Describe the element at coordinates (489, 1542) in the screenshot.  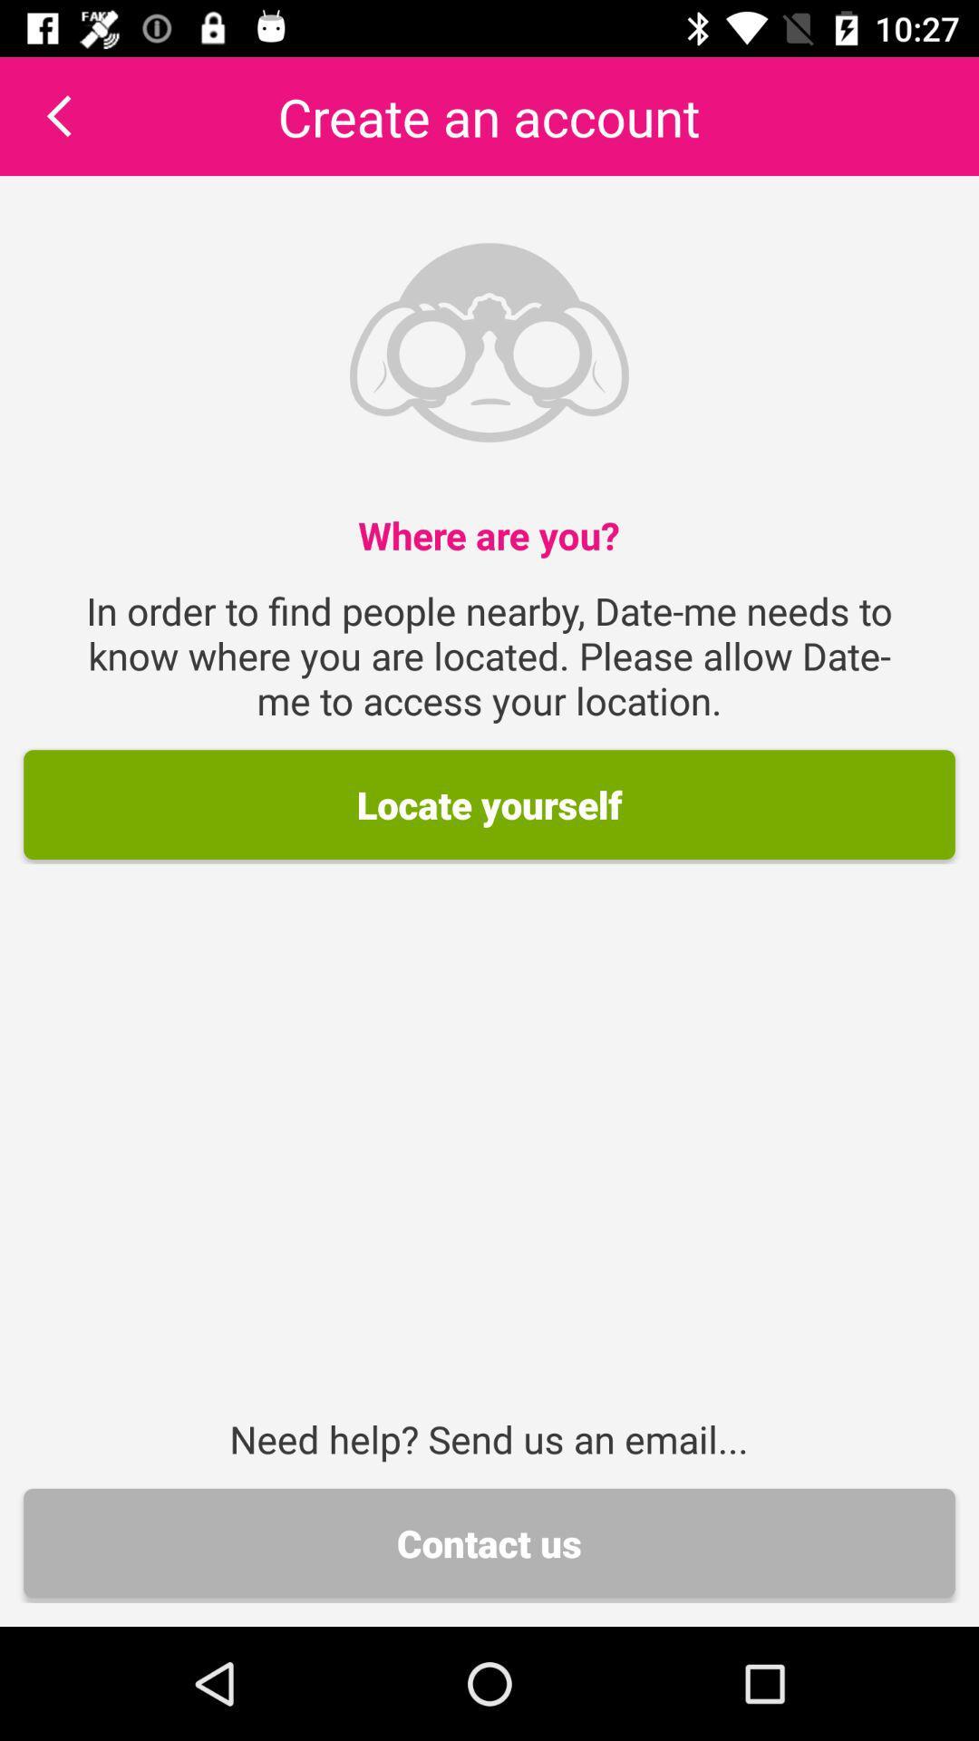
I see `contact us icon` at that location.